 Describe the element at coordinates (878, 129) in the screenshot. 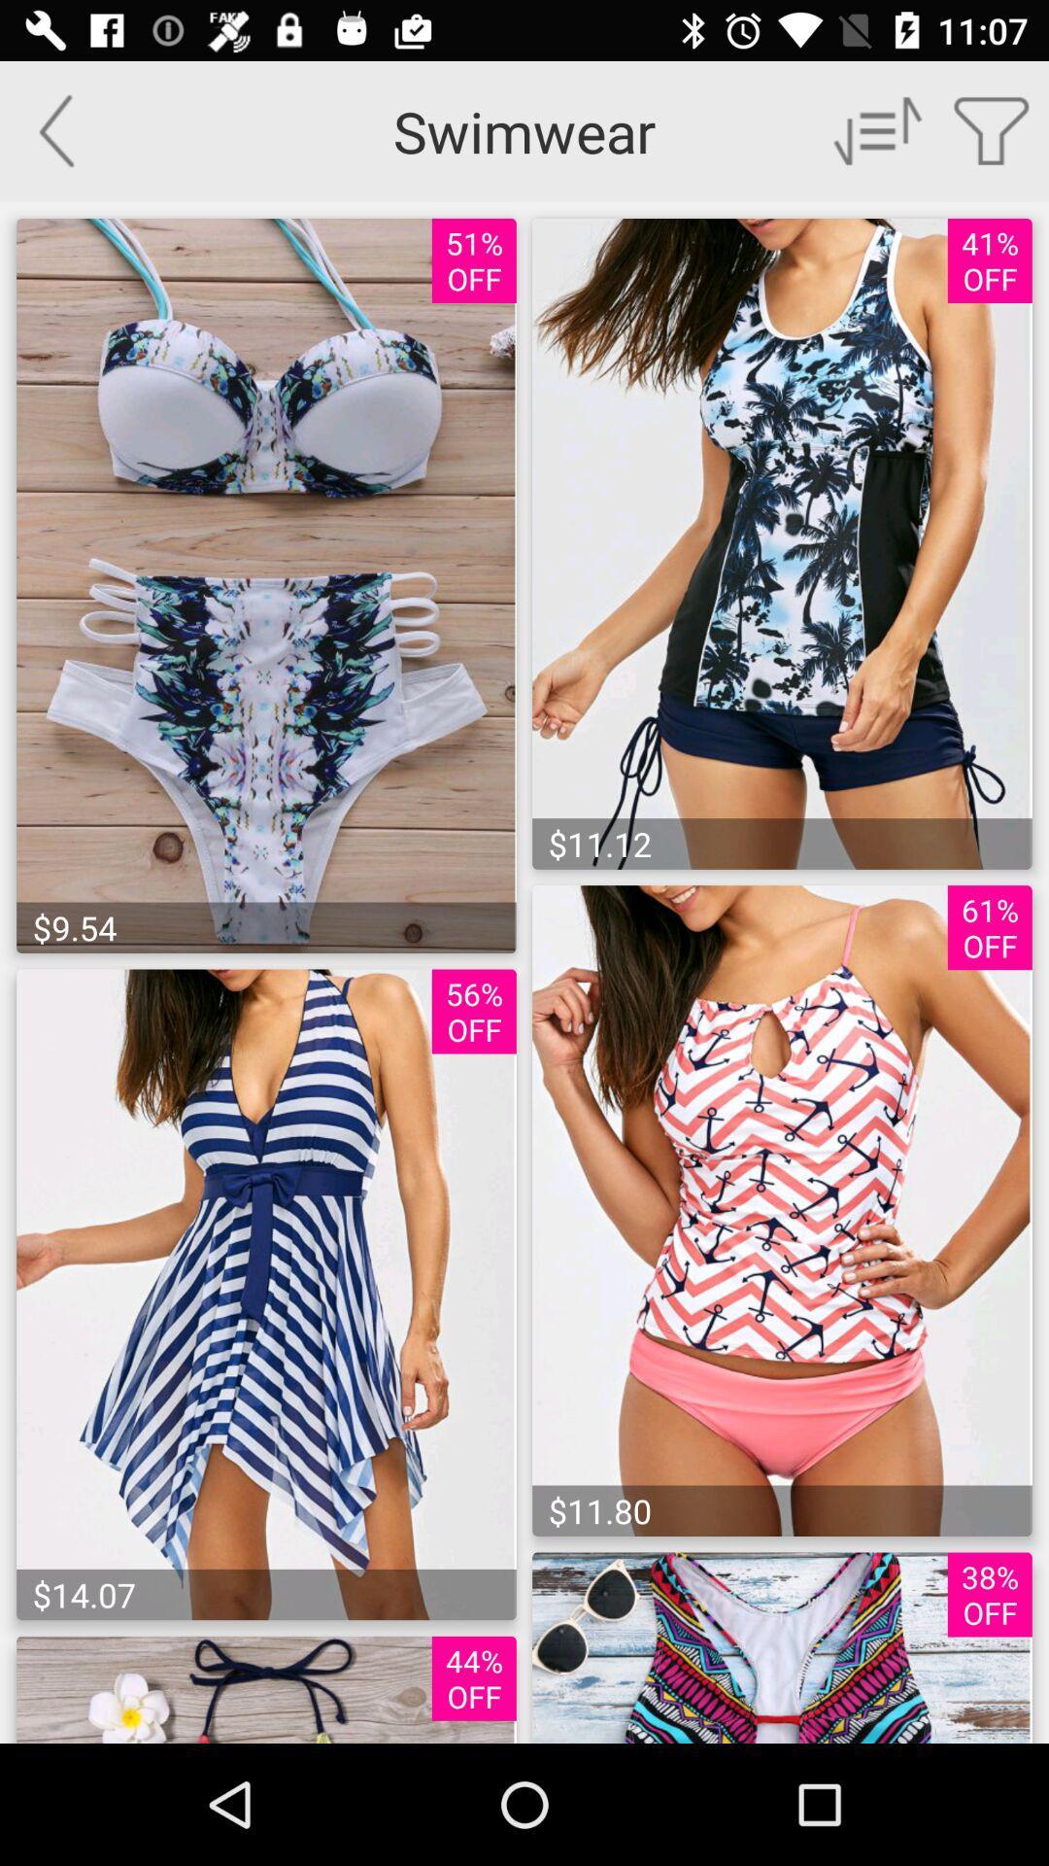

I see `navigate search results` at that location.